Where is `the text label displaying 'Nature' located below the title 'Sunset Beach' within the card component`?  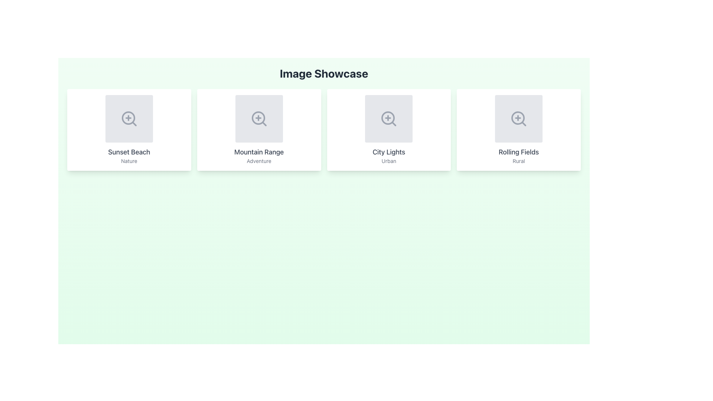
the text label displaying 'Nature' located below the title 'Sunset Beach' within the card component is located at coordinates (129, 161).